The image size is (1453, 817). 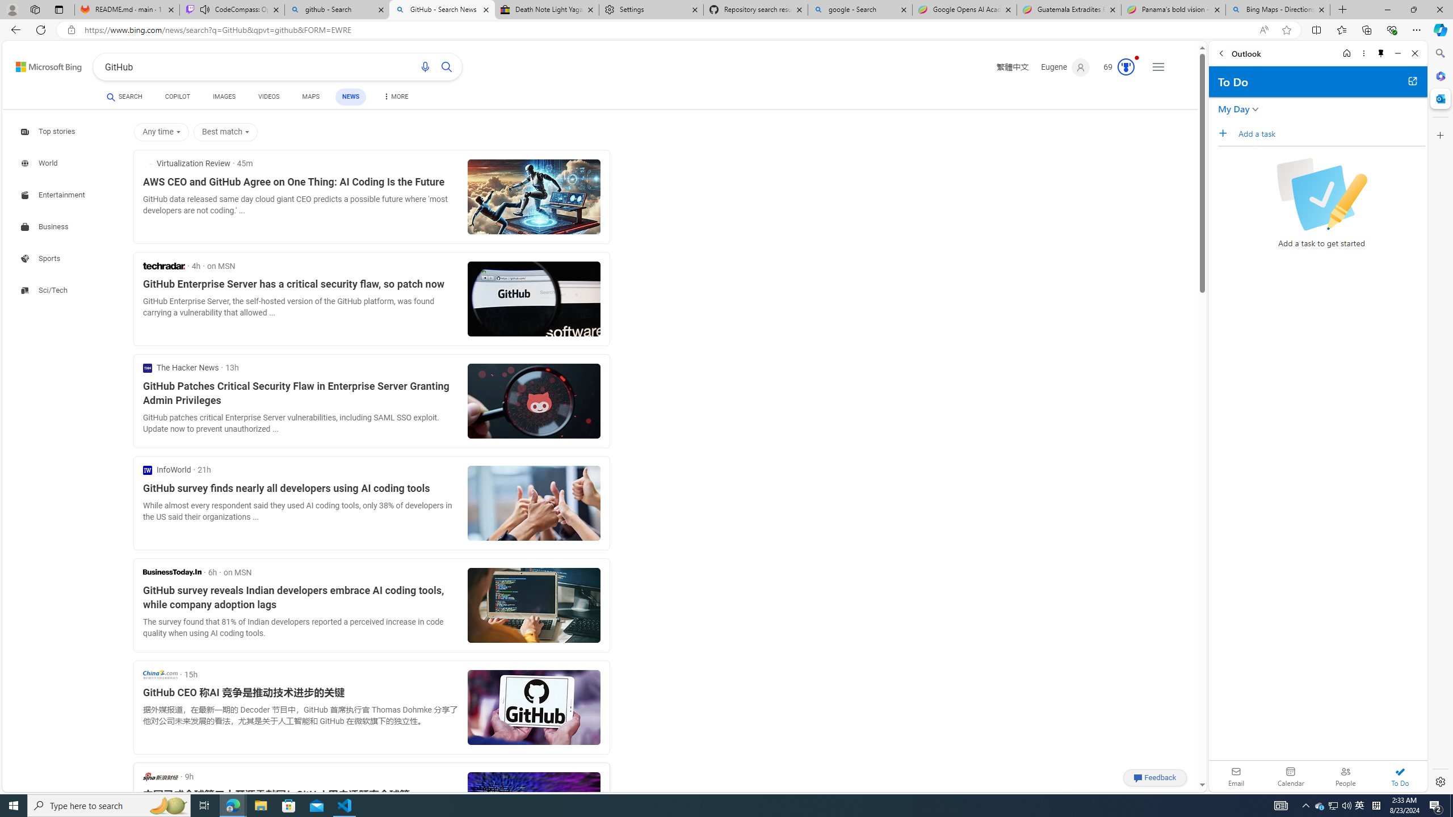 I want to click on 'To Do', so click(x=1400, y=776).